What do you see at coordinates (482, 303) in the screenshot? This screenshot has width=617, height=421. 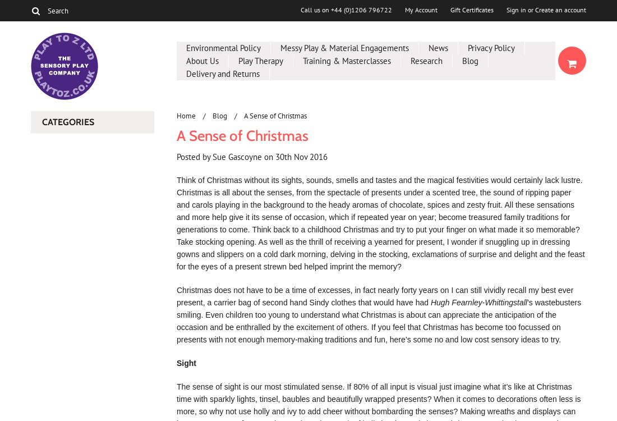 I see `'-'` at bounding box center [482, 303].